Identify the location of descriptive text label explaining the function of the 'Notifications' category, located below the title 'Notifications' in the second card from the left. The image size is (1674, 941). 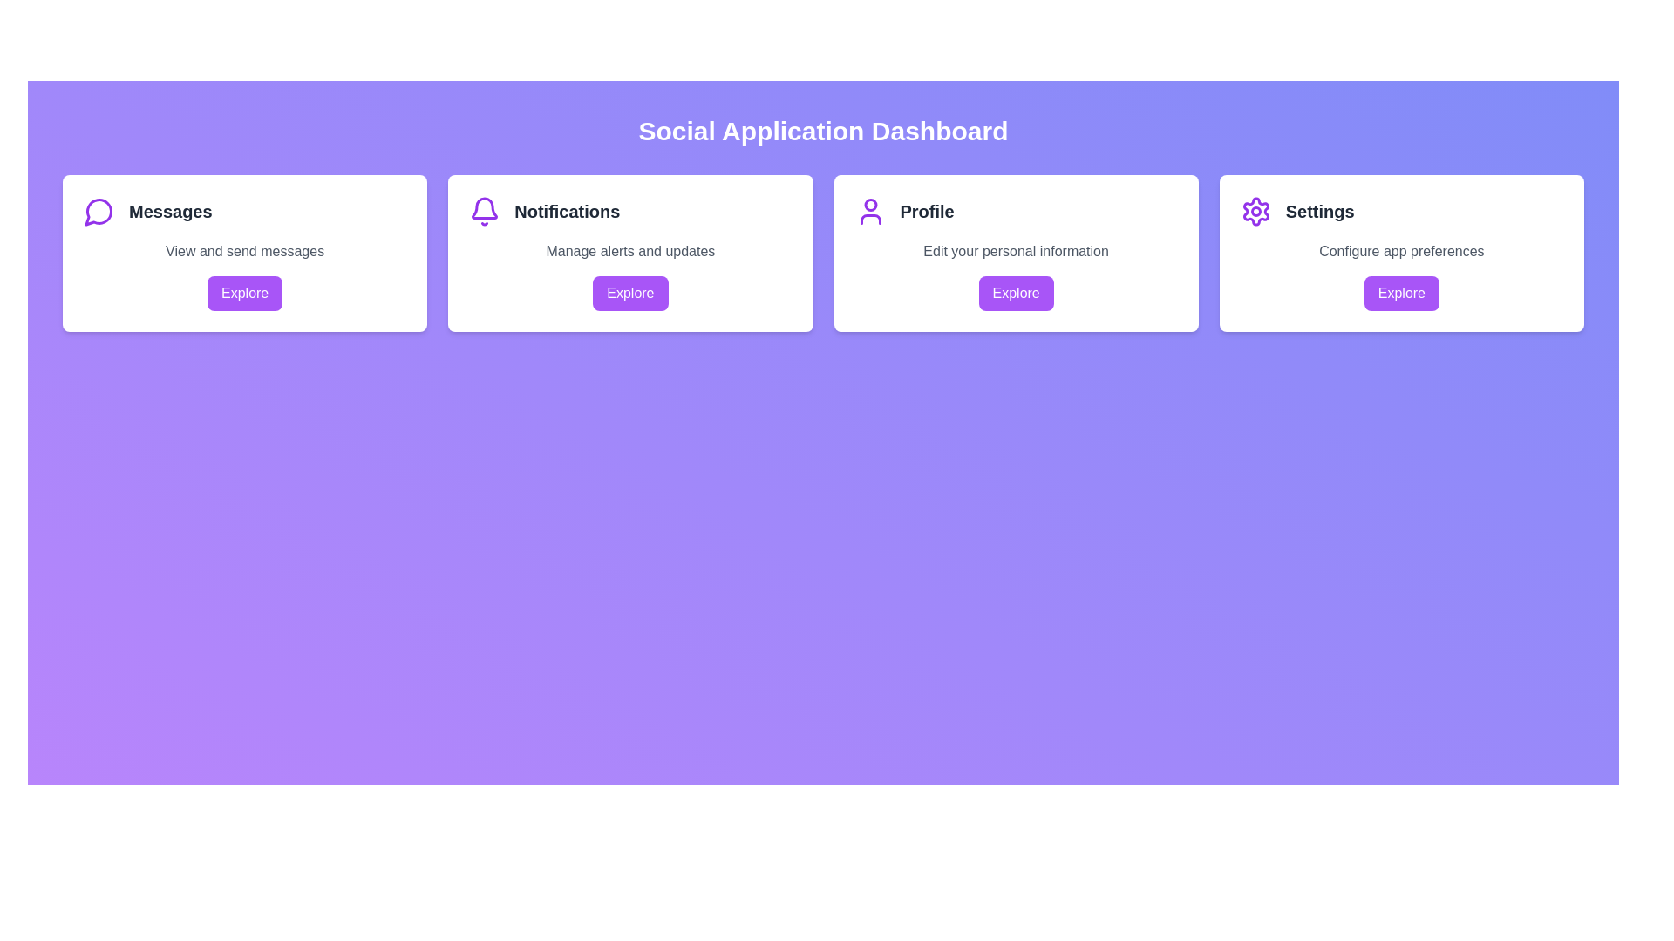
(629, 252).